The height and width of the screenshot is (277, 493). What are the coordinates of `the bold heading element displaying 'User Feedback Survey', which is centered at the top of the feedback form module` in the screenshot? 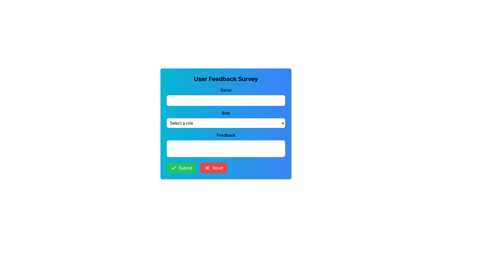 It's located at (226, 79).